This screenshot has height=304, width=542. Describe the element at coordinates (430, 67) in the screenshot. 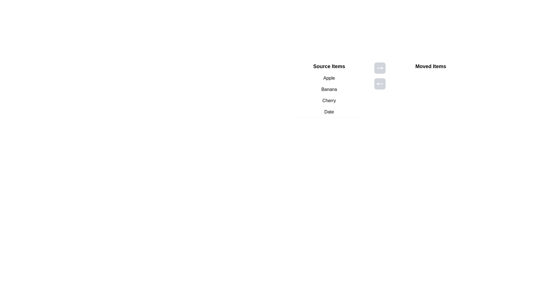

I see `the text label displaying 'Moved Items', which is styled in bold font and positioned to the right of the 'Source Items' title` at that location.